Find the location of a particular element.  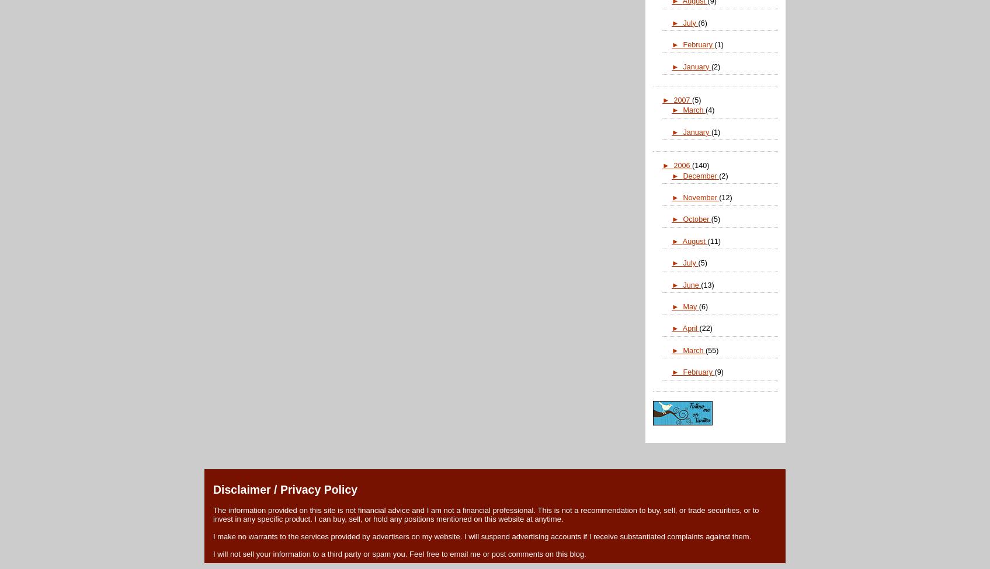

'June' is located at coordinates (682, 284).